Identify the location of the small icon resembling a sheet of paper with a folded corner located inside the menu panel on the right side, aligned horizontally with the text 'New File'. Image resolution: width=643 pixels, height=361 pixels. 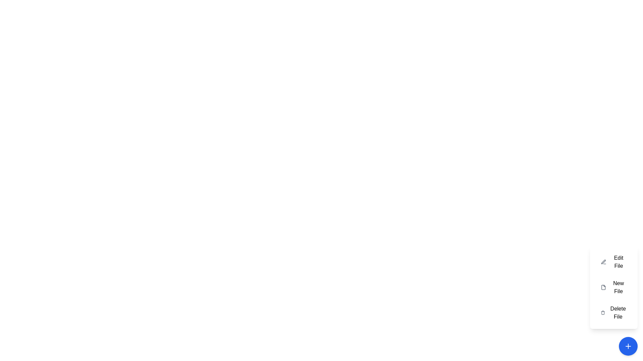
(603, 287).